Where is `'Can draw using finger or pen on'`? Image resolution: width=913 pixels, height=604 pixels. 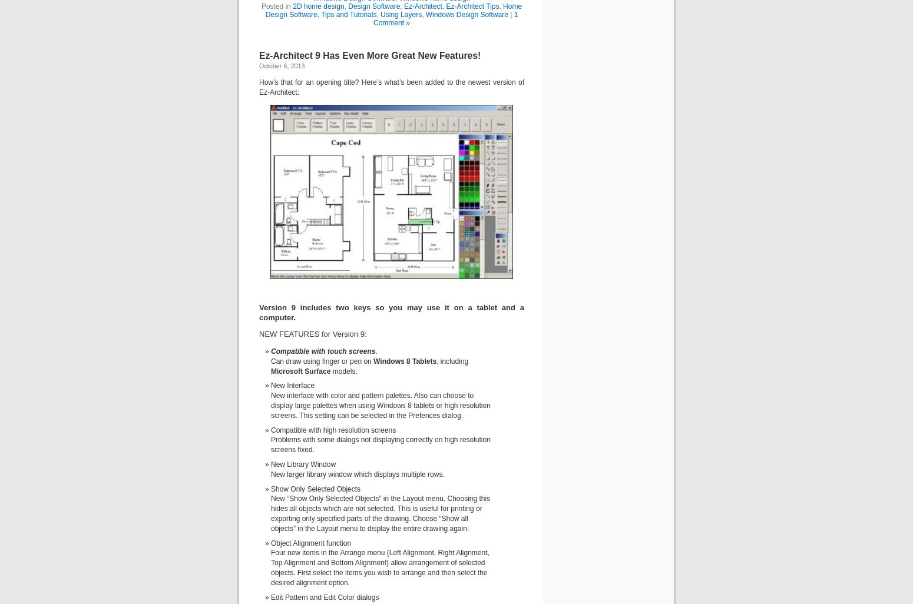
'Can draw using finger or pen on' is located at coordinates (271, 360).